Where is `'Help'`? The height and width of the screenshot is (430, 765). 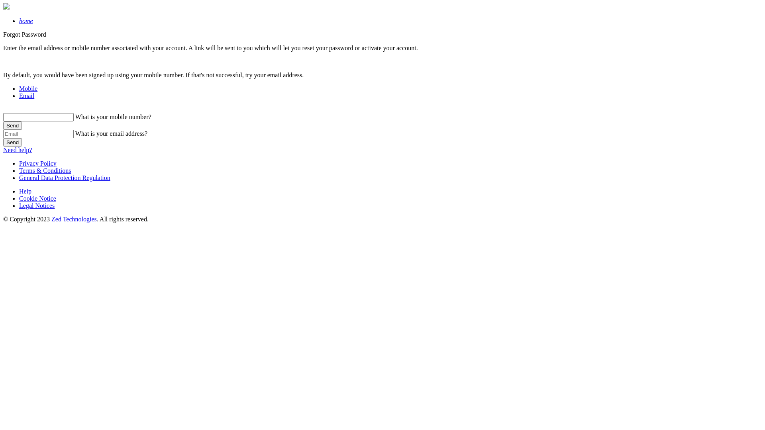
'Help' is located at coordinates (25, 191).